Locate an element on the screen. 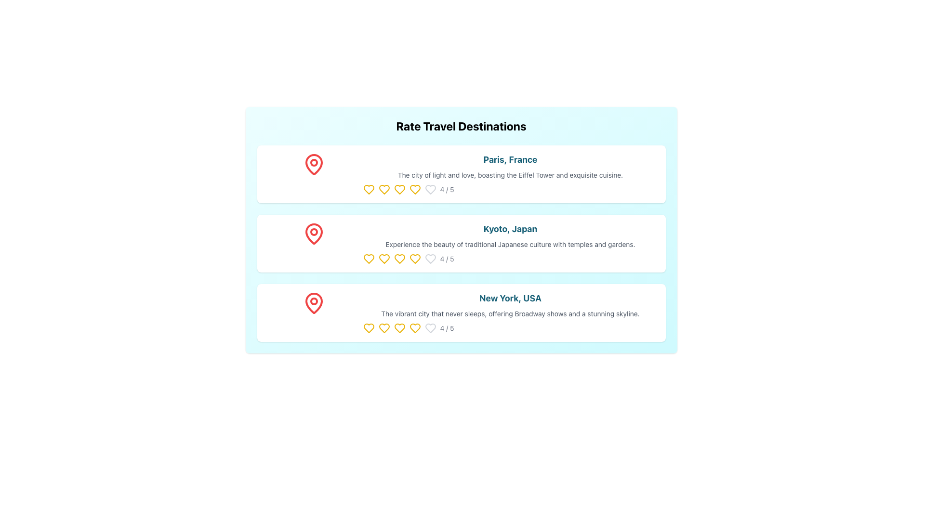  the second yellow outlined heart icon in the rating section below '4 / 5' is located at coordinates (383, 328).